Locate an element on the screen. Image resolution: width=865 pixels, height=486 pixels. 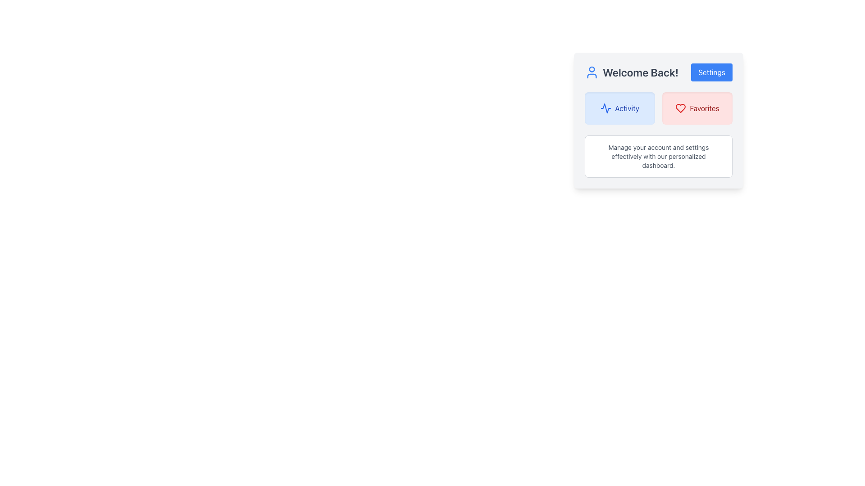
label displaying the word 'Favorites' in bold red font, located in a button-like structure adjacent to a heart icon in the upper-right section of the interface is located at coordinates (704, 108).